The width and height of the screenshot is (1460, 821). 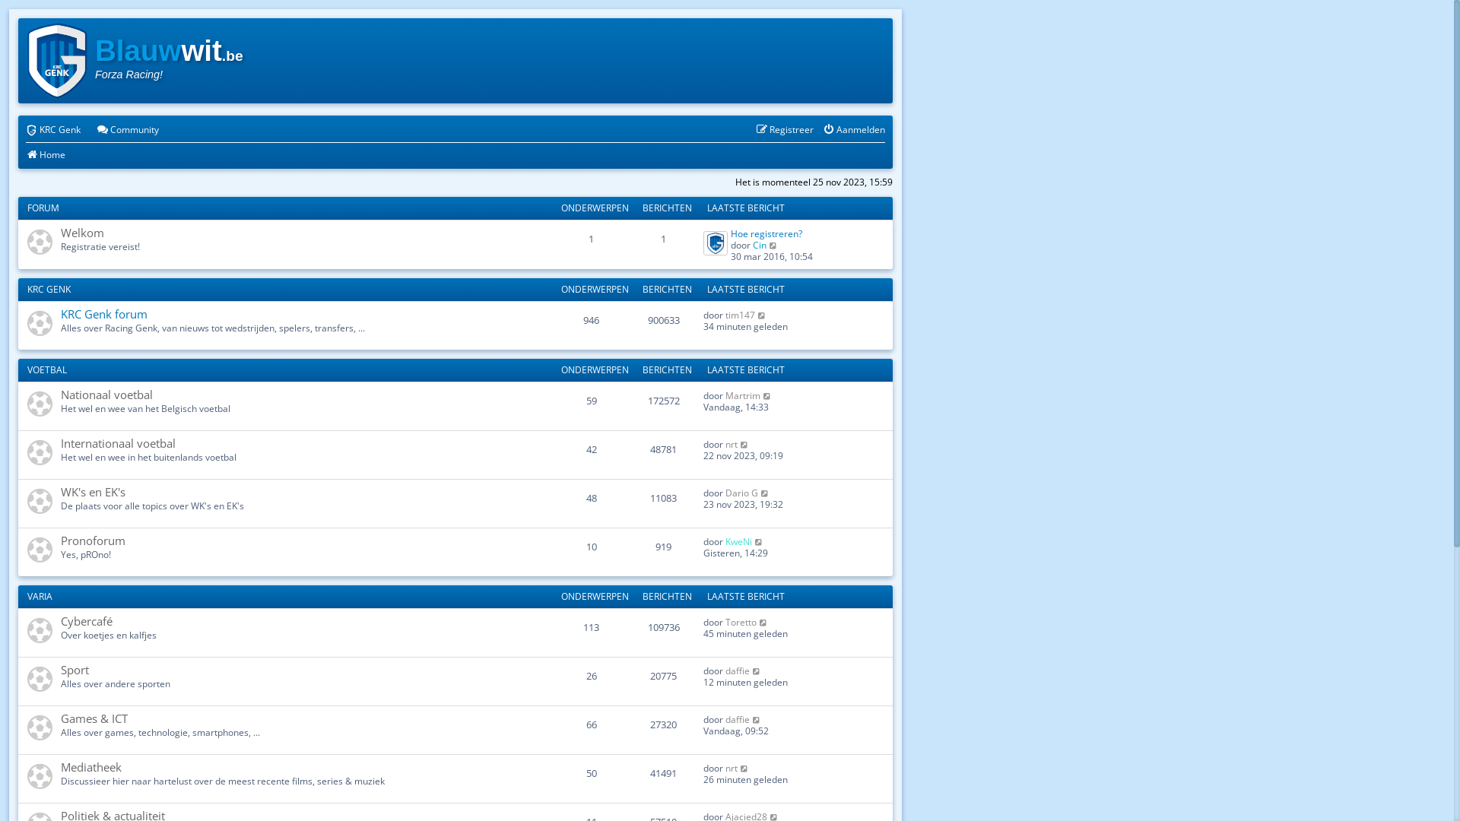 What do you see at coordinates (103, 312) in the screenshot?
I see `'KRC Genk forum'` at bounding box center [103, 312].